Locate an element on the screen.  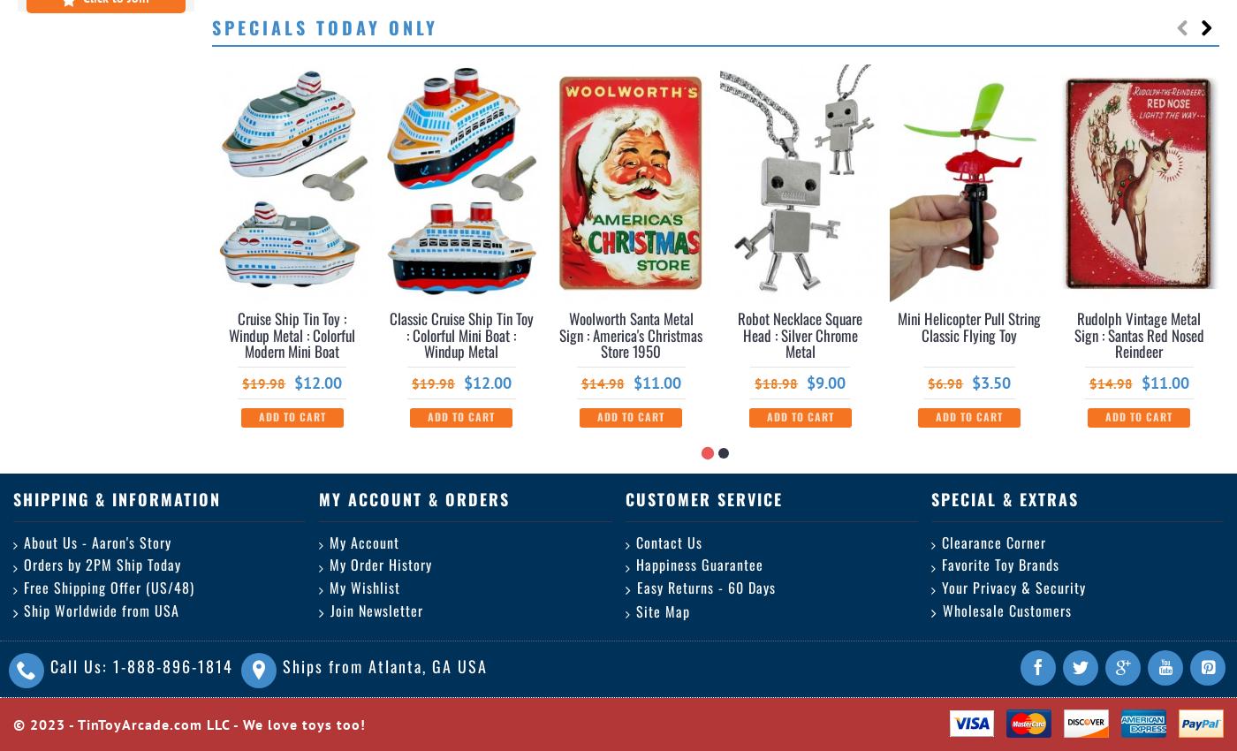
'Customer Service' is located at coordinates (625, 497).